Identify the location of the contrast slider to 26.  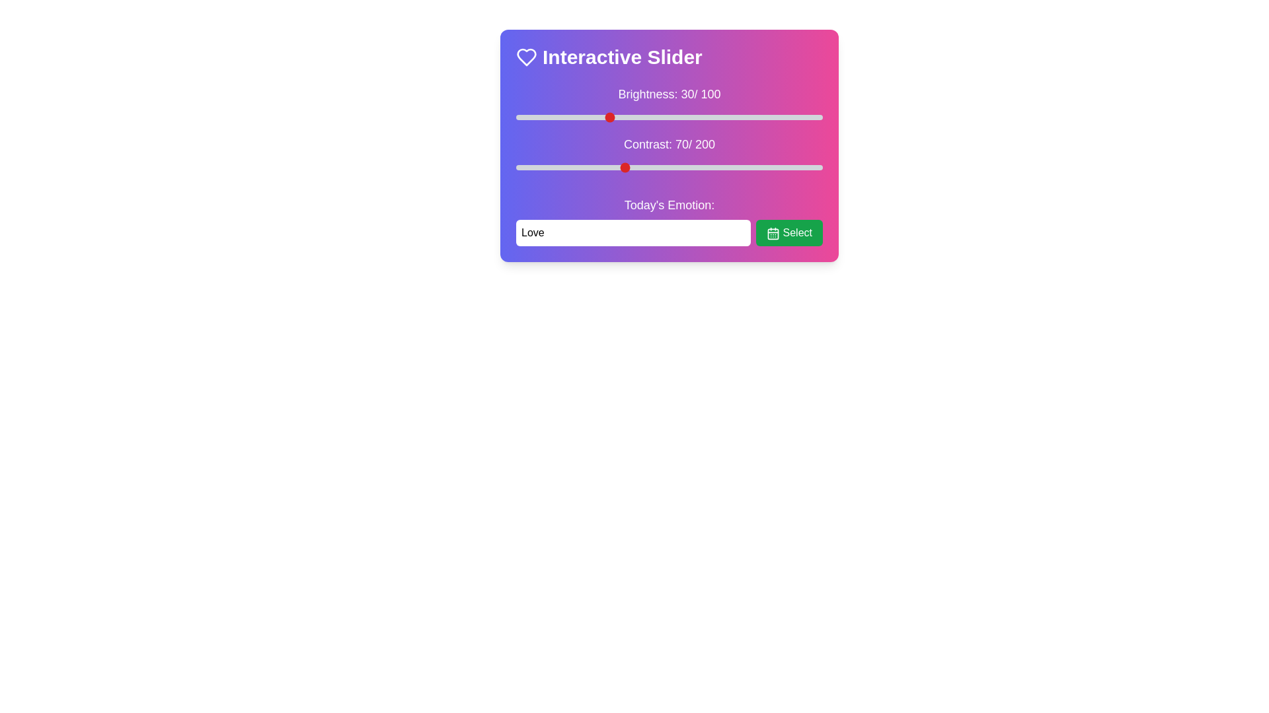
(556, 167).